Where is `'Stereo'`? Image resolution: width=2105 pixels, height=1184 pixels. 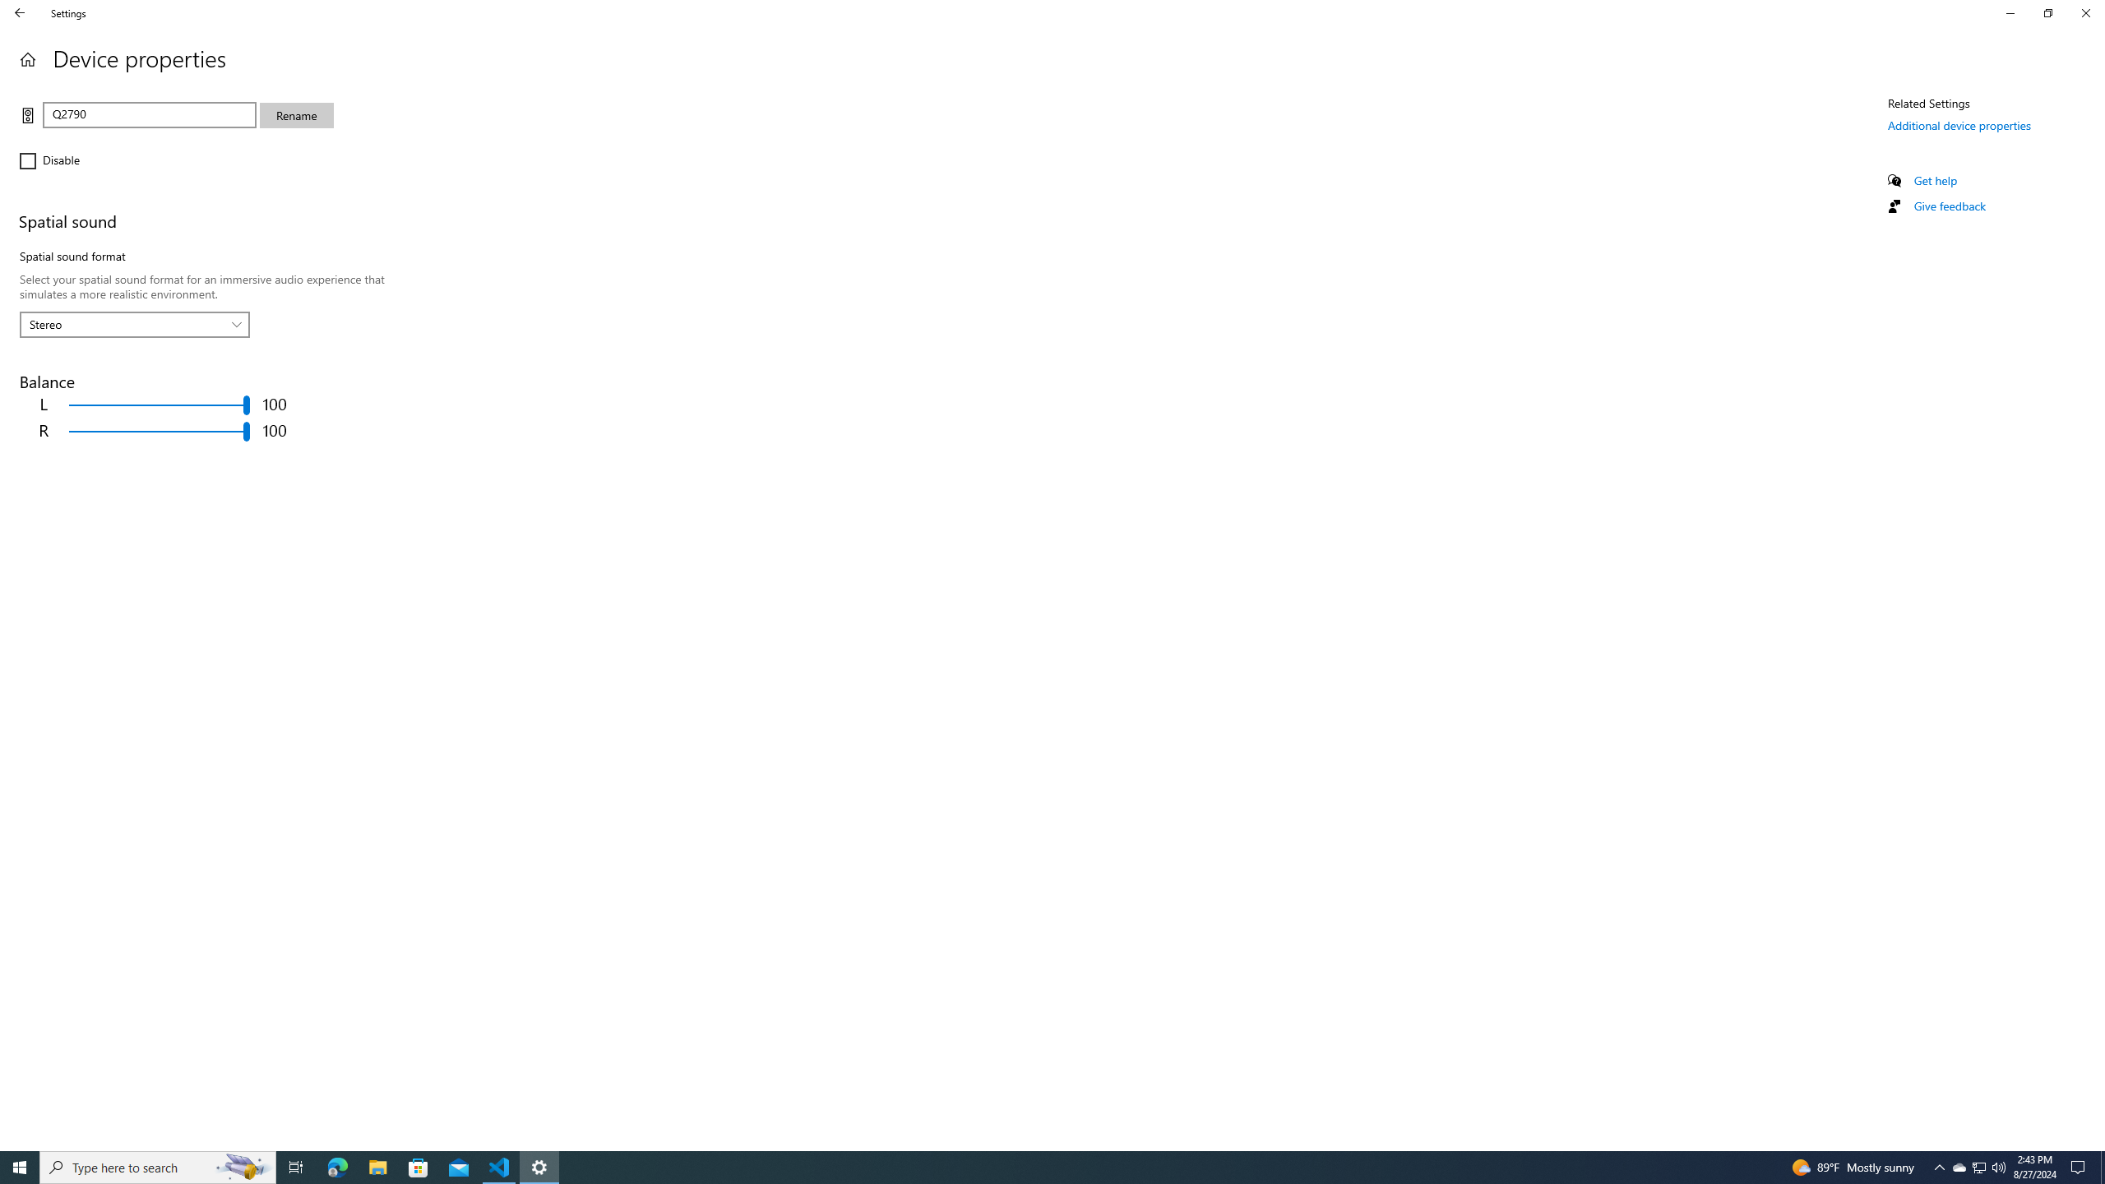
'Stereo' is located at coordinates (125, 324).